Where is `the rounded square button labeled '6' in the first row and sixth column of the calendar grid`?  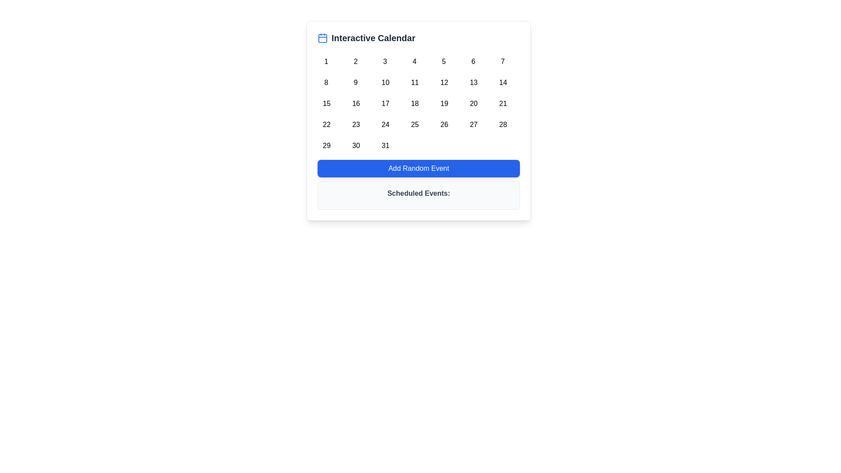 the rounded square button labeled '6' in the first row and sixth column of the calendar grid is located at coordinates (473, 60).